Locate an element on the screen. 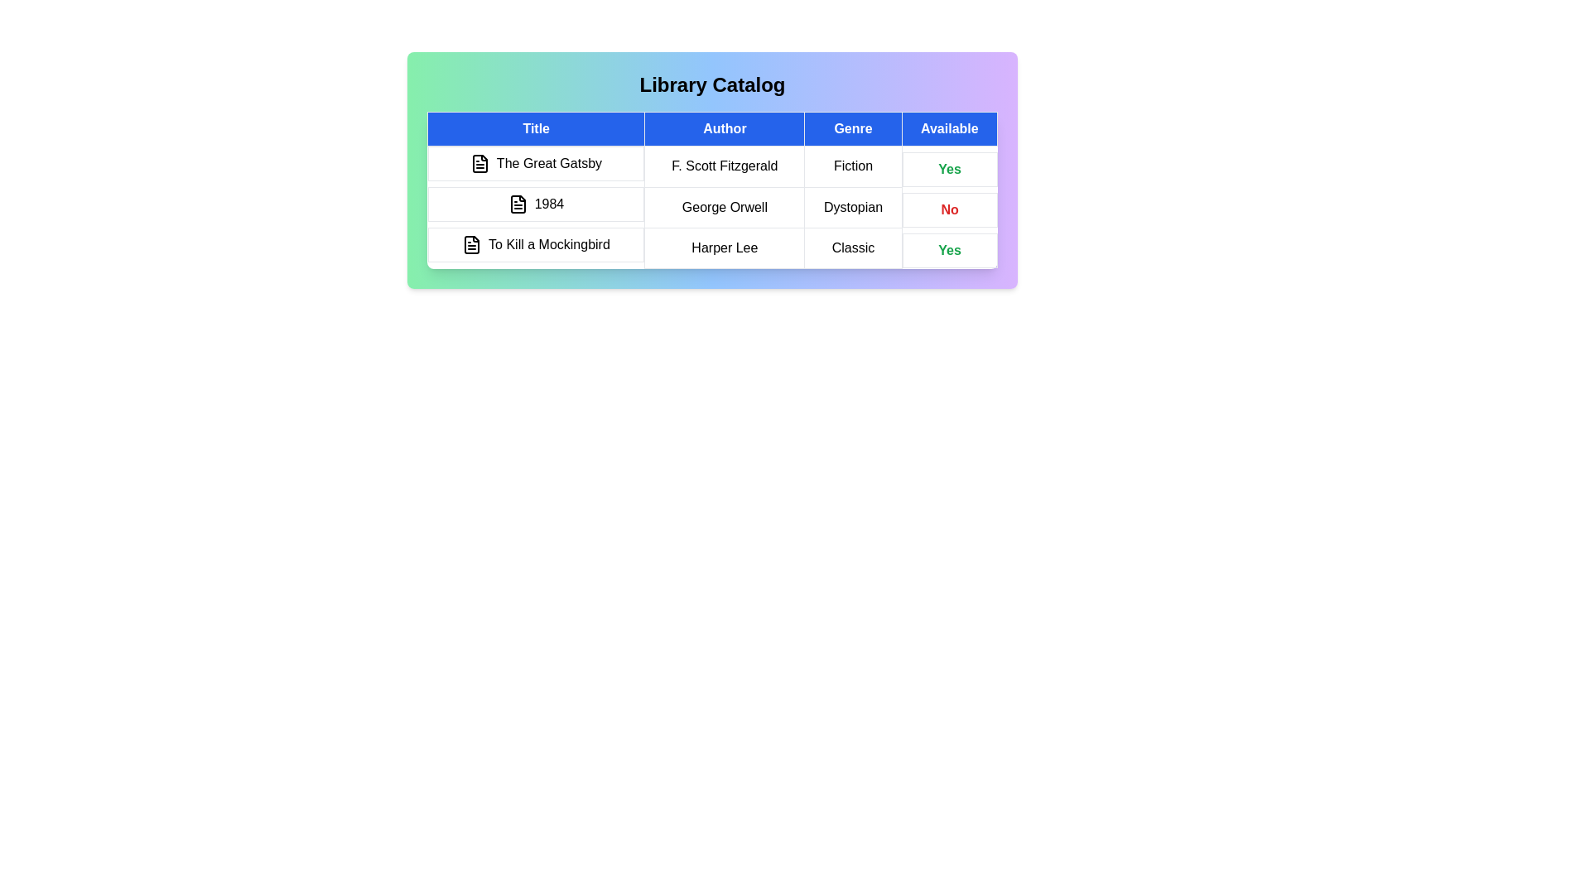 This screenshot has height=894, width=1590. the book title The Great Gatsby to interact with it is located at coordinates (536, 163).